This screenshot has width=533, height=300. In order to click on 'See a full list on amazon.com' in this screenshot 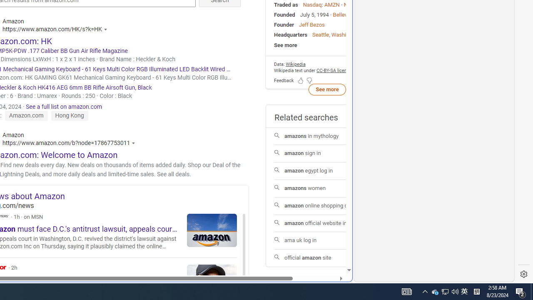, I will do `click(63, 106)`.